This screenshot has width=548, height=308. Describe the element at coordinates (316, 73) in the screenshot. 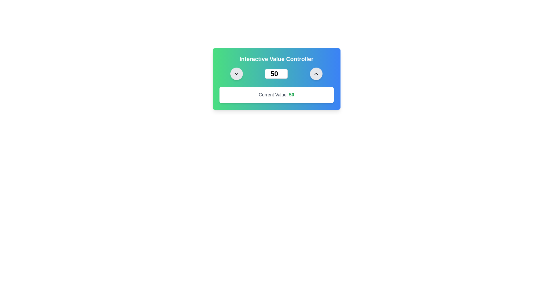

I see `the increment control graphical icon located inside a circular button on the right side of the interface to interact with it` at that location.